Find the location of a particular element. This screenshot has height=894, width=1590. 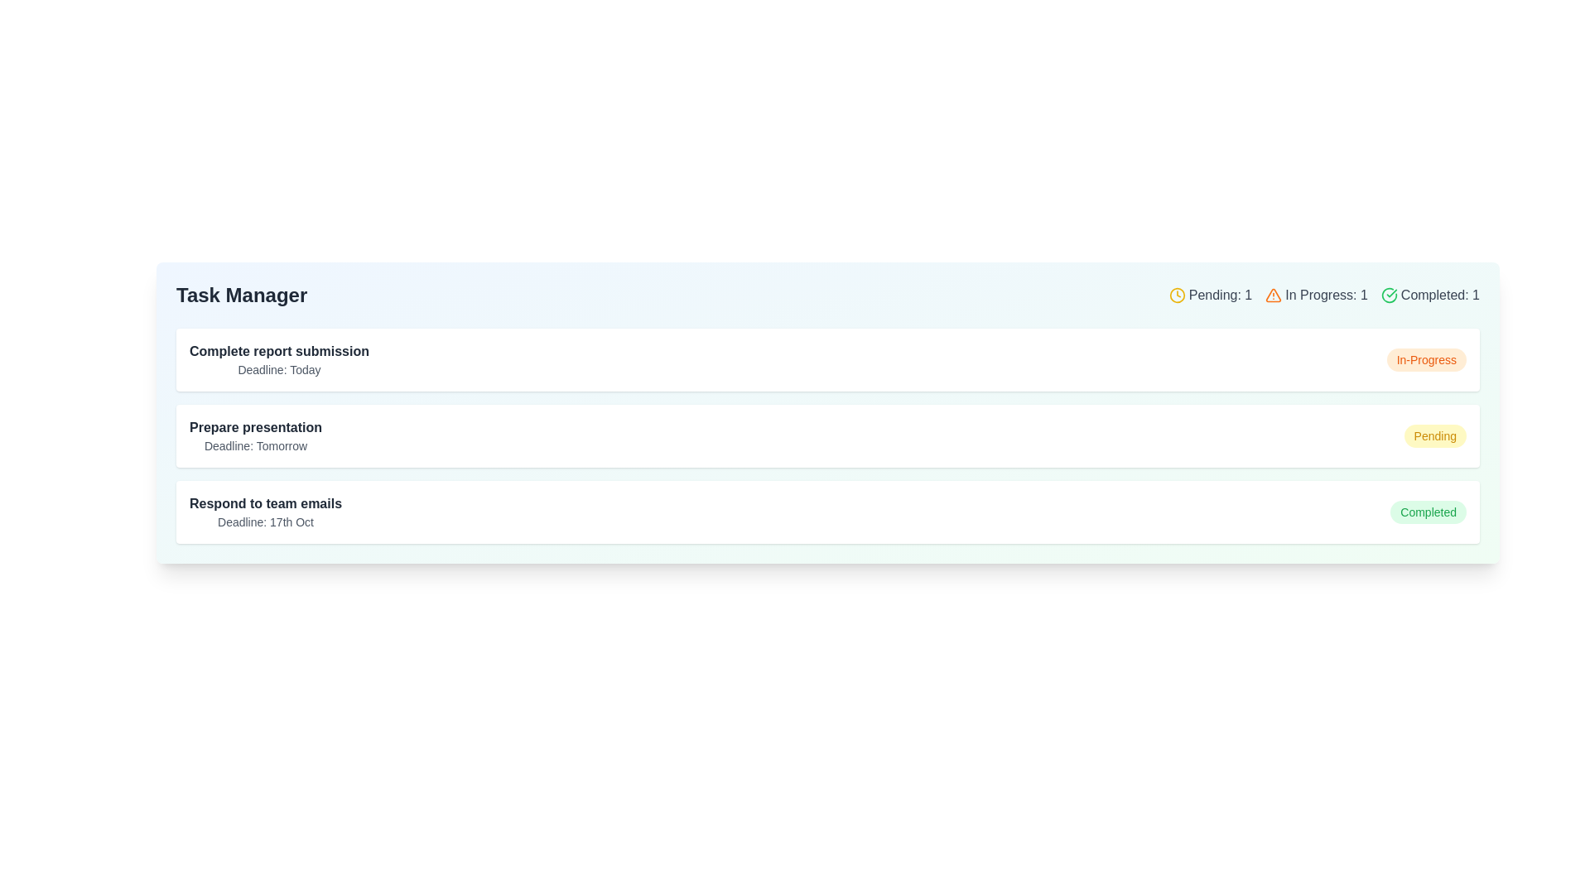

the label in the top-right section of the interface that shows the number of tasks currently in progress, indicated by an orange icon, to interact with its related functionality is located at coordinates (1315, 295).